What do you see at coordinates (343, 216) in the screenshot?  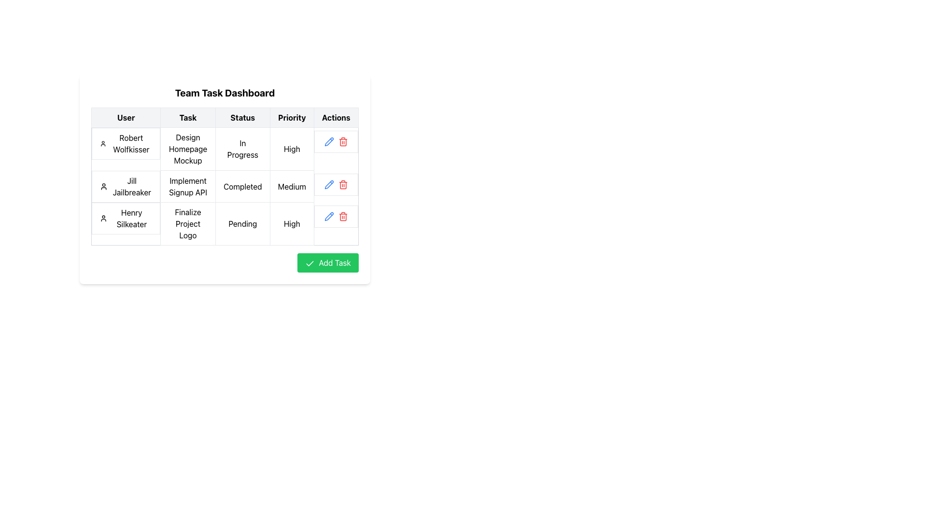 I see `the red trash can icon button in the 'Actions' column of the table associated with the task entry 'Design Homepage Mockup'` at bounding box center [343, 216].